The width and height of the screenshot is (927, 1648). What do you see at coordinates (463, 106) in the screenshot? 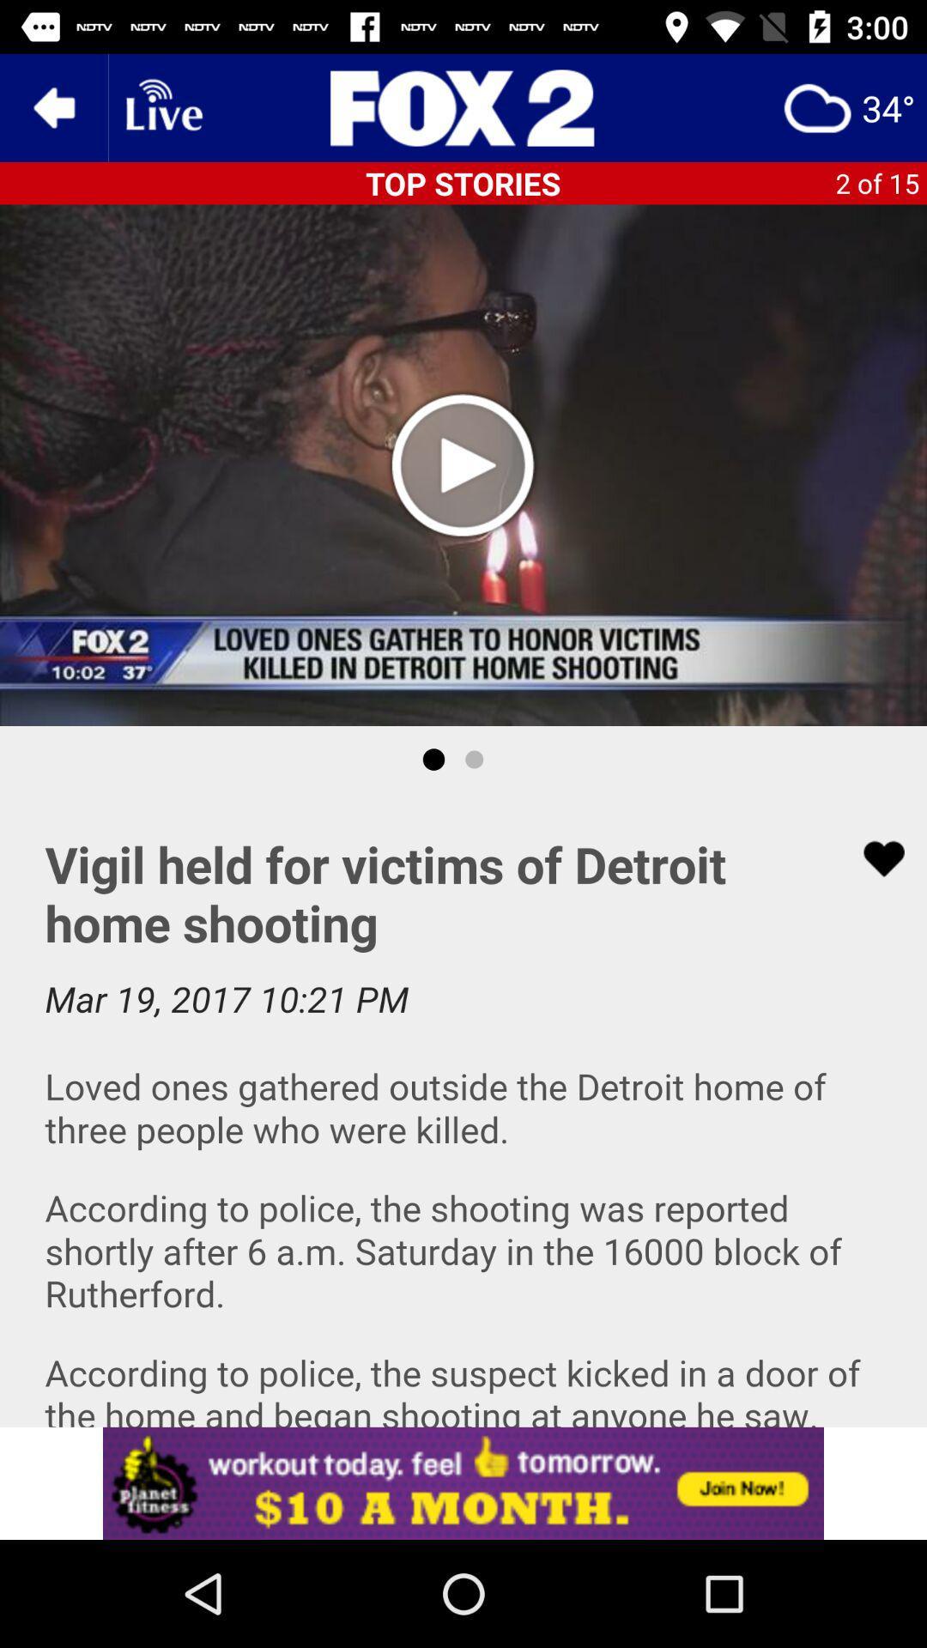
I see `fox 2 button` at bounding box center [463, 106].